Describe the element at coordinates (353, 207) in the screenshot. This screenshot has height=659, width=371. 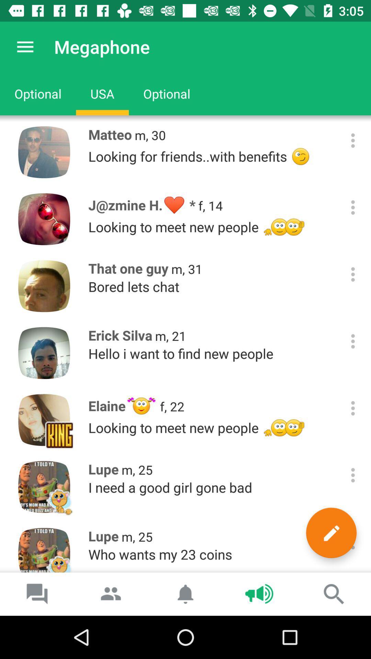
I see `asking to see options` at that location.